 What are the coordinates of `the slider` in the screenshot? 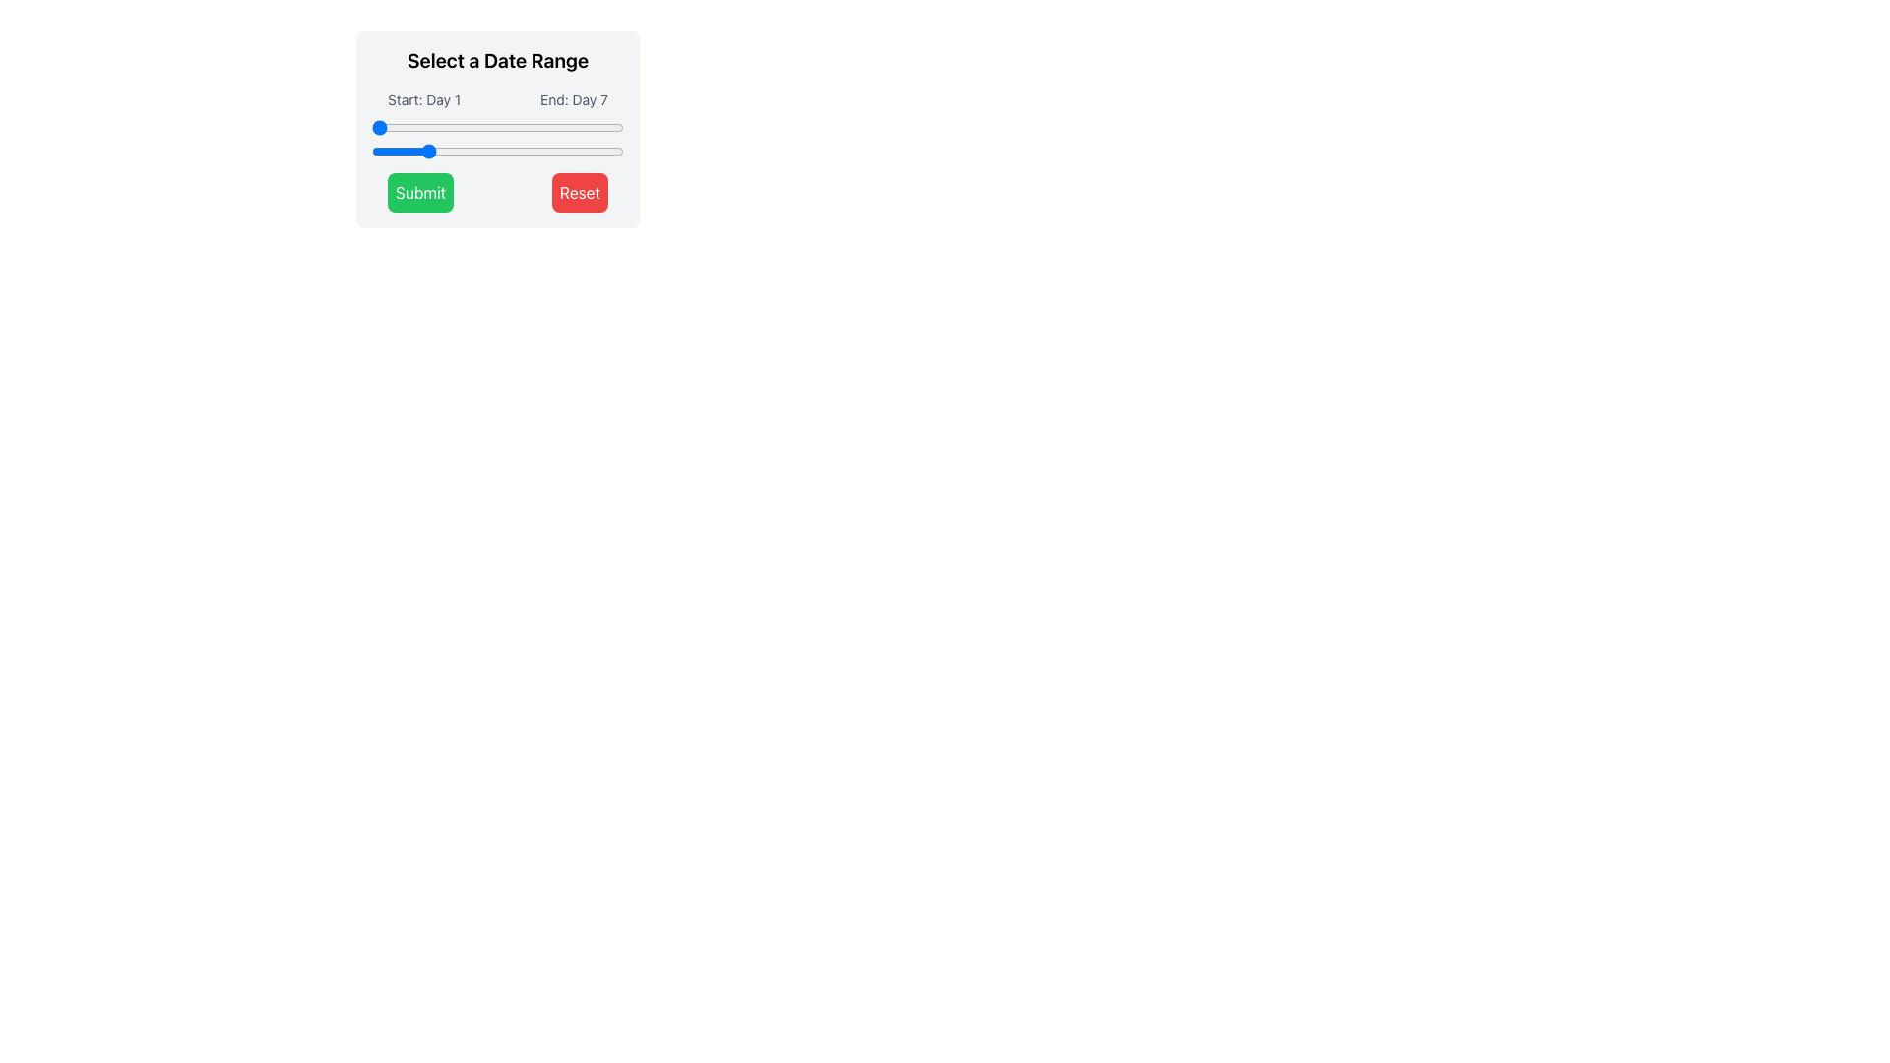 It's located at (423, 128).